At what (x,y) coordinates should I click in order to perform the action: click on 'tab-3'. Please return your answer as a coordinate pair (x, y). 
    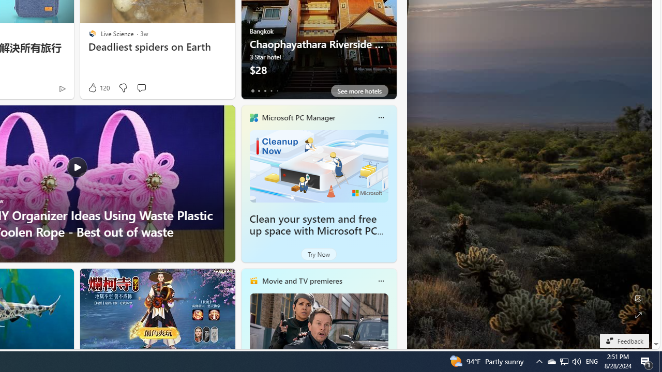
    Looking at the image, I should click on (271, 90).